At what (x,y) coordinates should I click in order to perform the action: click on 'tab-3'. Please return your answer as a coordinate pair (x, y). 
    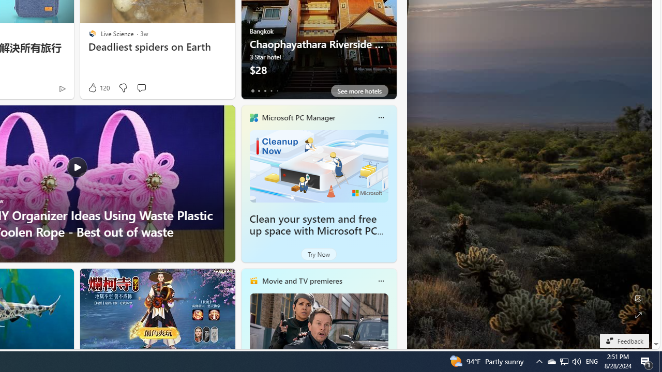
    Looking at the image, I should click on (271, 90).